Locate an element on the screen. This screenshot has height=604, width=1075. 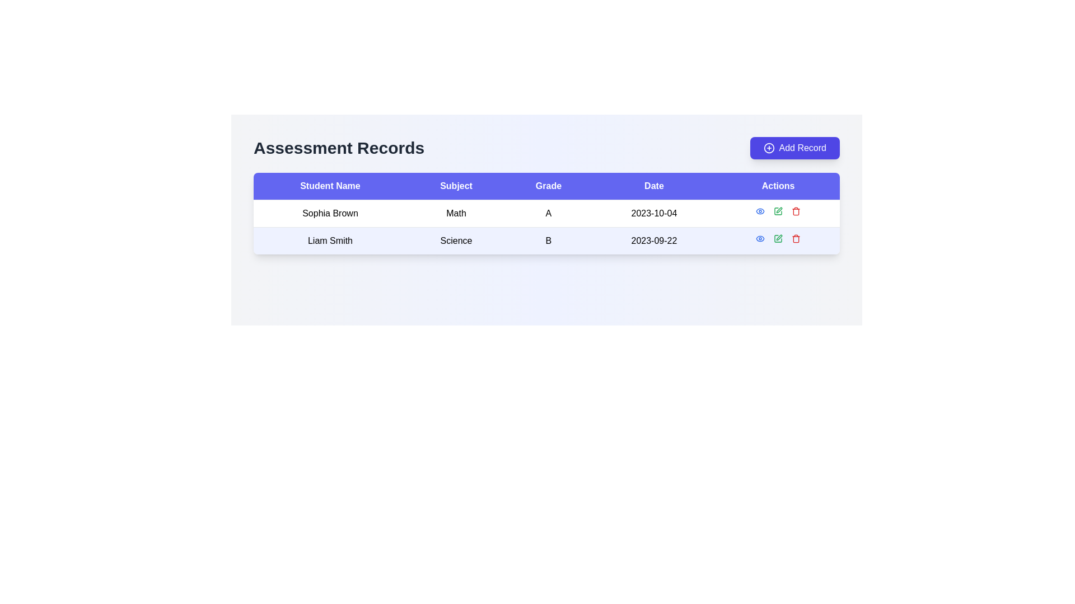
the delete icon button located is located at coordinates (796, 238).